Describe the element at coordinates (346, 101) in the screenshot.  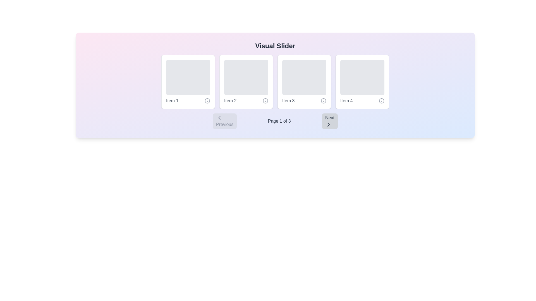
I see `the text label that identifies the fourth visual content box` at that location.